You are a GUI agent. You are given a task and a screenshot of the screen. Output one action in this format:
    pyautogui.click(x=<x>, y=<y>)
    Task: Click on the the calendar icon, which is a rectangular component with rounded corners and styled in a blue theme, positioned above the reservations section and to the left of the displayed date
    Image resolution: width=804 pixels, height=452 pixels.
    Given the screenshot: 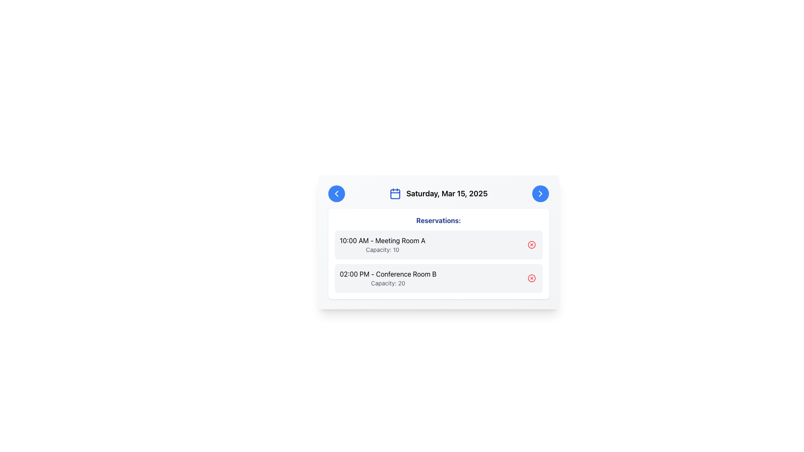 What is the action you would take?
    pyautogui.click(x=395, y=194)
    